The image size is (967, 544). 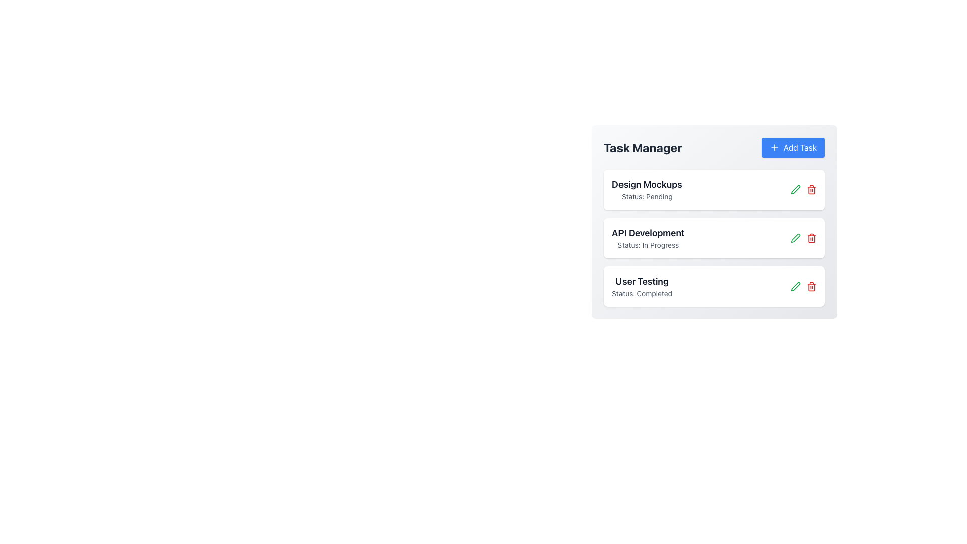 What do you see at coordinates (642, 293) in the screenshot?
I see `the static text label that indicates the completion status of the 'User Testing' task, located below the 'User Testing' label in the task card` at bounding box center [642, 293].